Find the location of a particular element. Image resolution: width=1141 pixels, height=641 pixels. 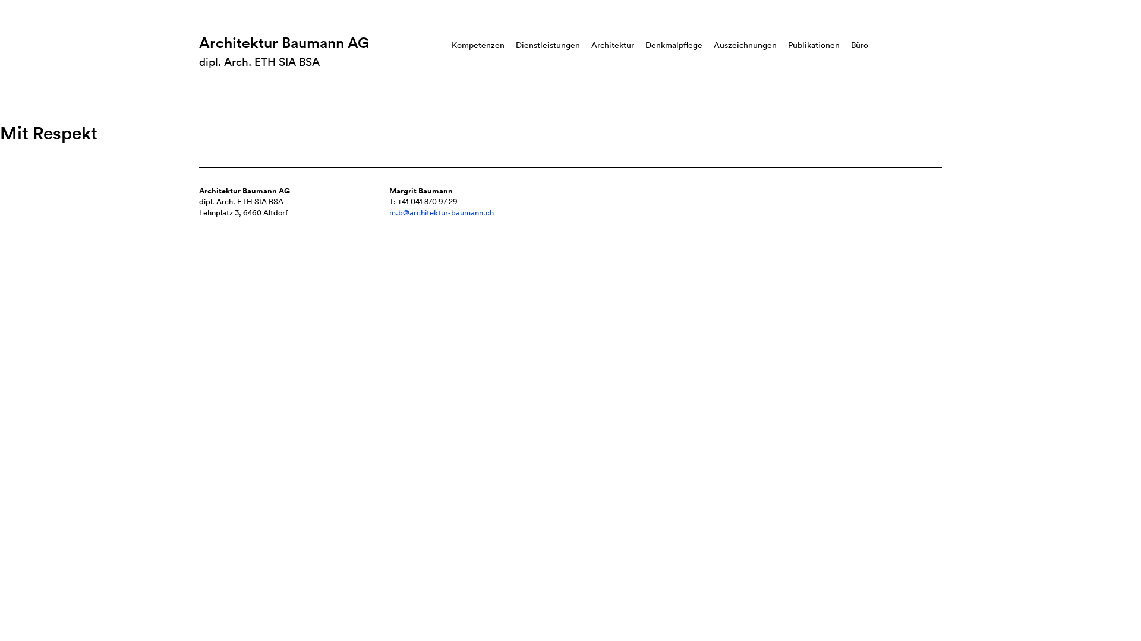

'Dienstleistungen' is located at coordinates (547, 45).